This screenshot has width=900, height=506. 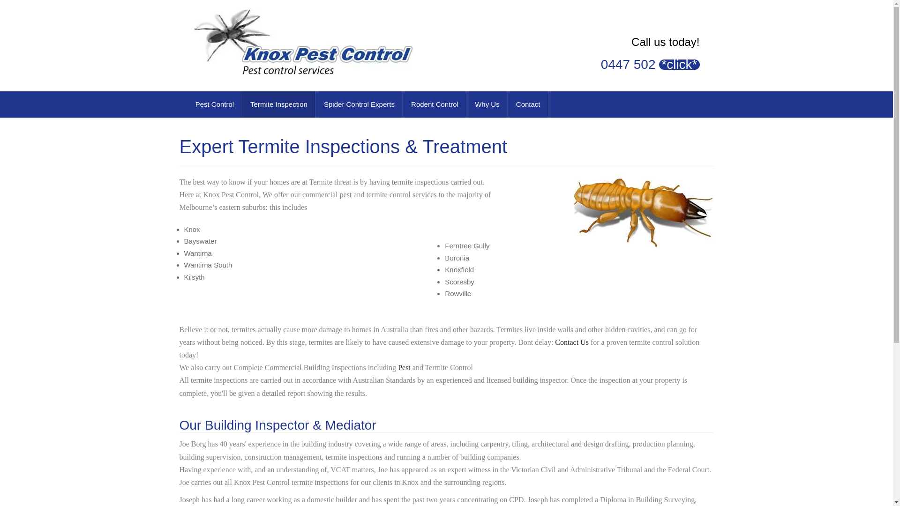 I want to click on 'Contact Us', so click(x=571, y=342).